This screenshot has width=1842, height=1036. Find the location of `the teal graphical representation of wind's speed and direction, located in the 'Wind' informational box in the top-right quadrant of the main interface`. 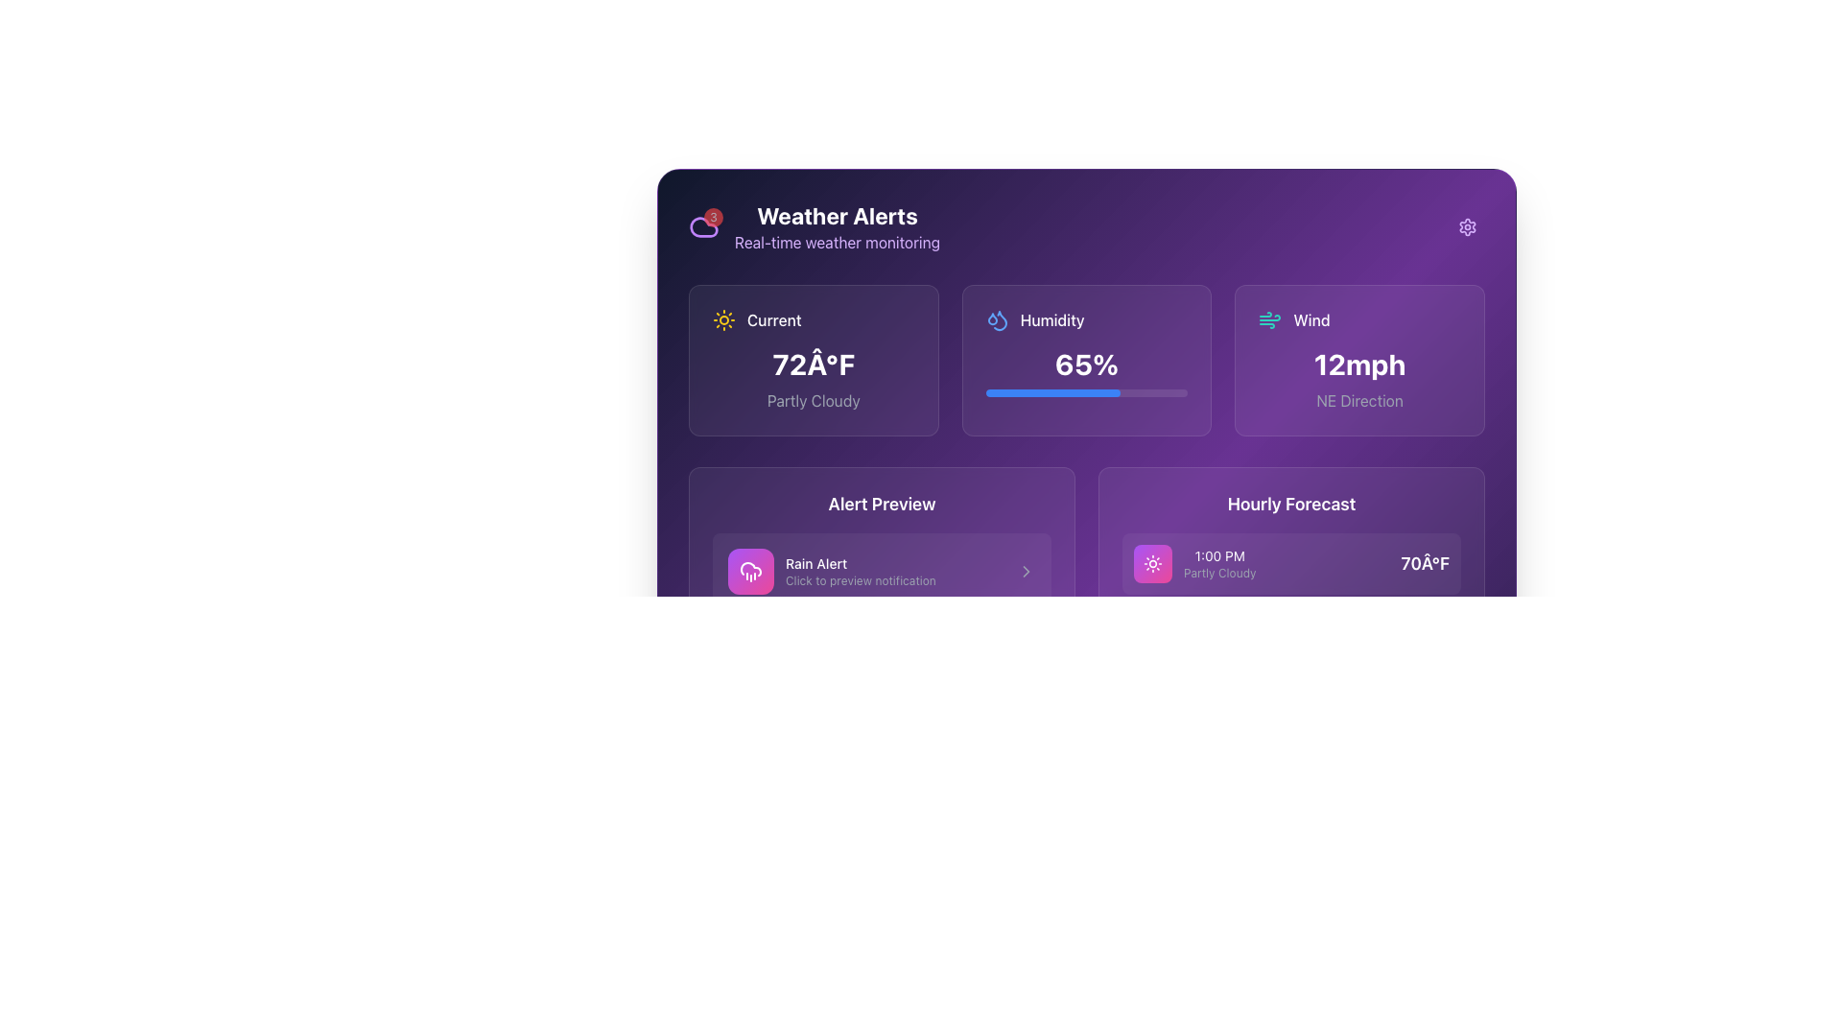

the teal graphical representation of wind's speed and direction, located in the 'Wind' informational box in the top-right quadrant of the main interface is located at coordinates (1270, 317).